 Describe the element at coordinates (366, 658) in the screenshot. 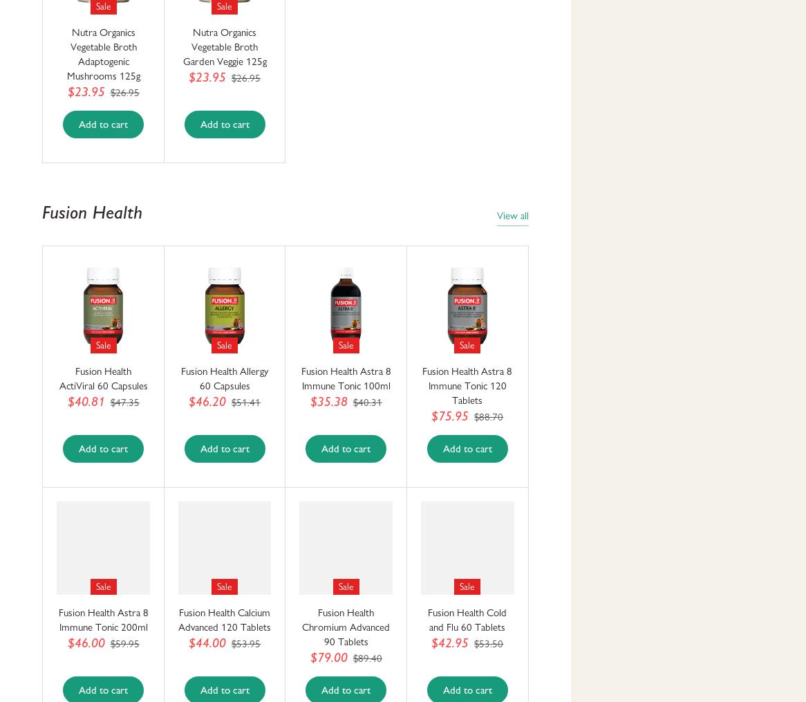

I see `'$89.40'` at that location.